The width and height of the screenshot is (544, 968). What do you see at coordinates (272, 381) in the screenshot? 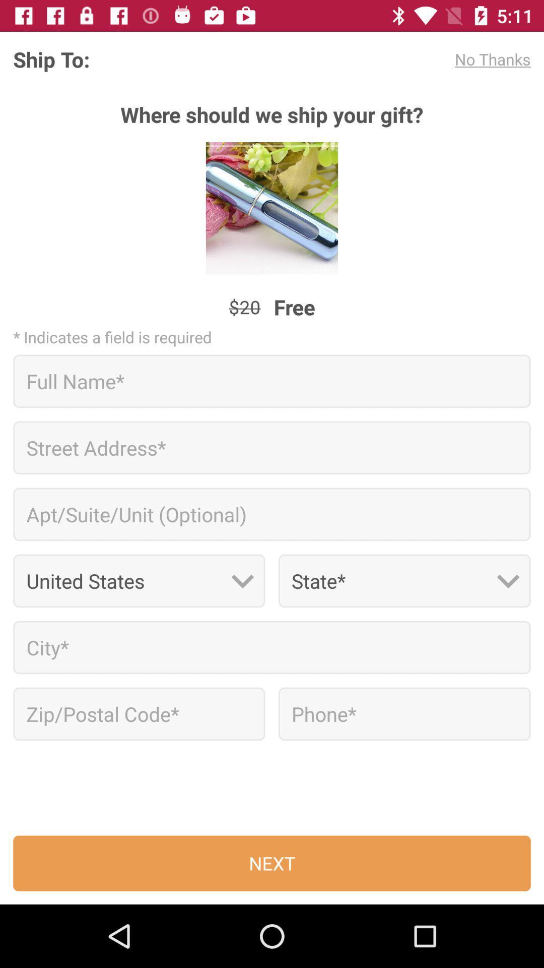
I see `you full name` at bounding box center [272, 381].